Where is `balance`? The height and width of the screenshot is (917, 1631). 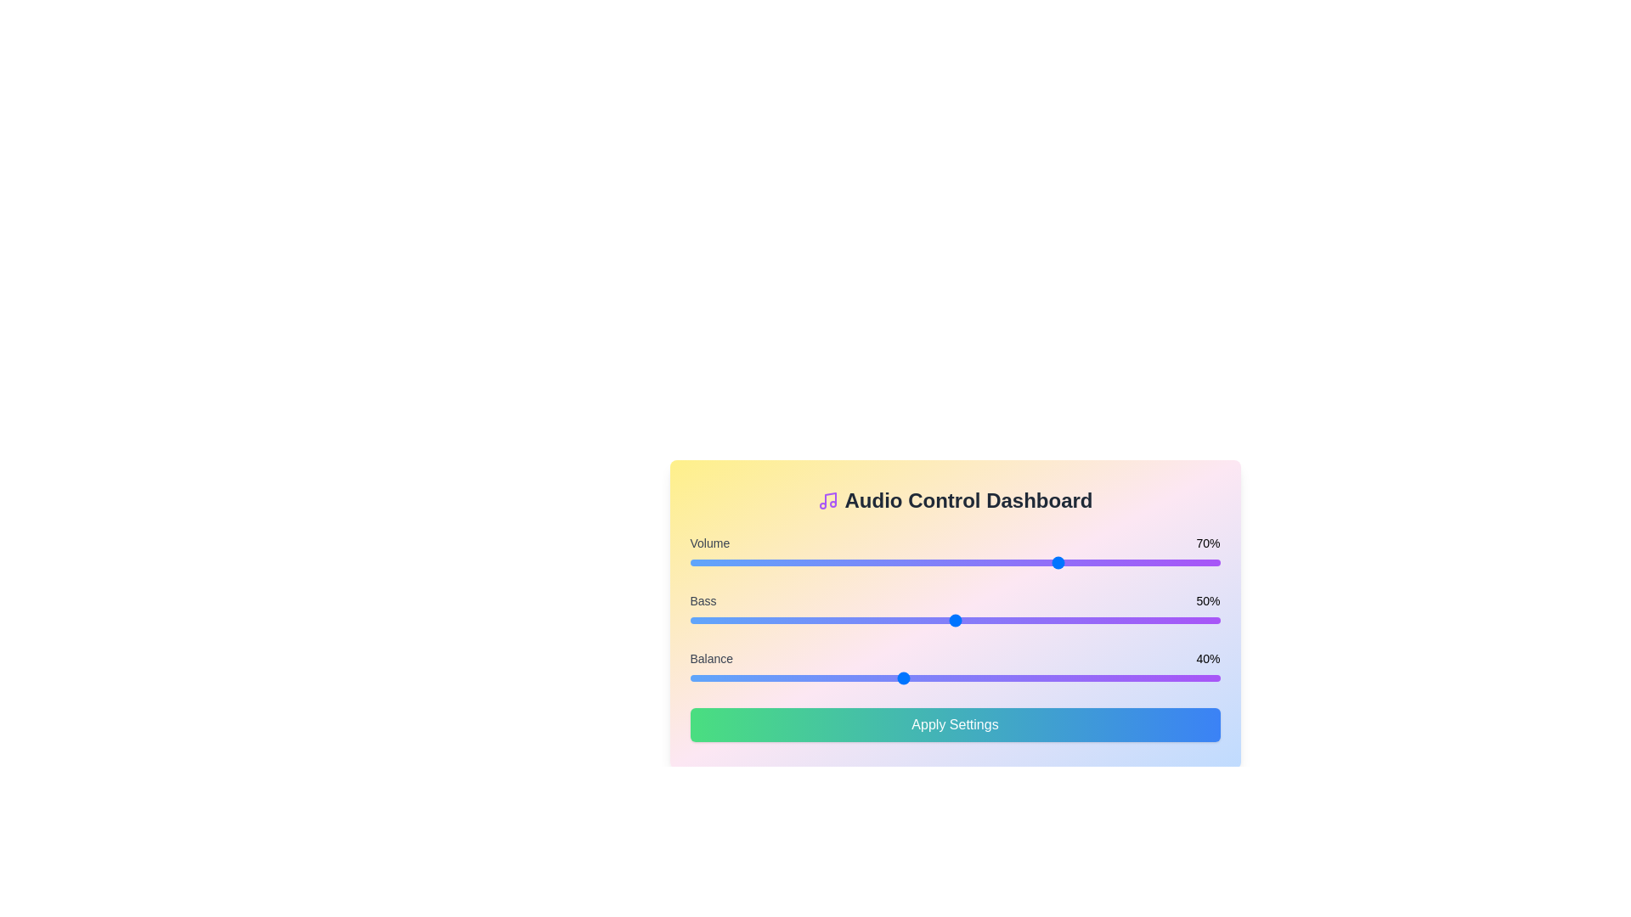 balance is located at coordinates (810, 677).